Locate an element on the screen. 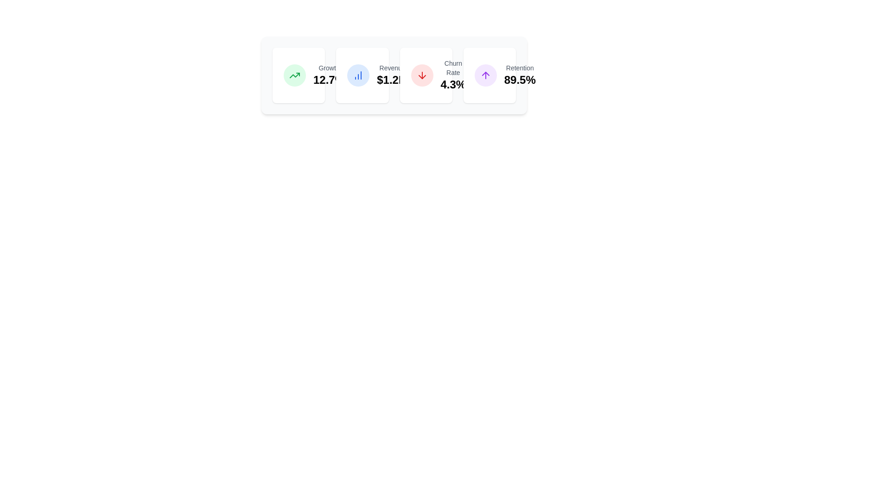 The image size is (890, 500). the static text label that describes the metric within the card, located beneath a red downward arrow icon and above the bold text '4.3%' is located at coordinates (453, 67).